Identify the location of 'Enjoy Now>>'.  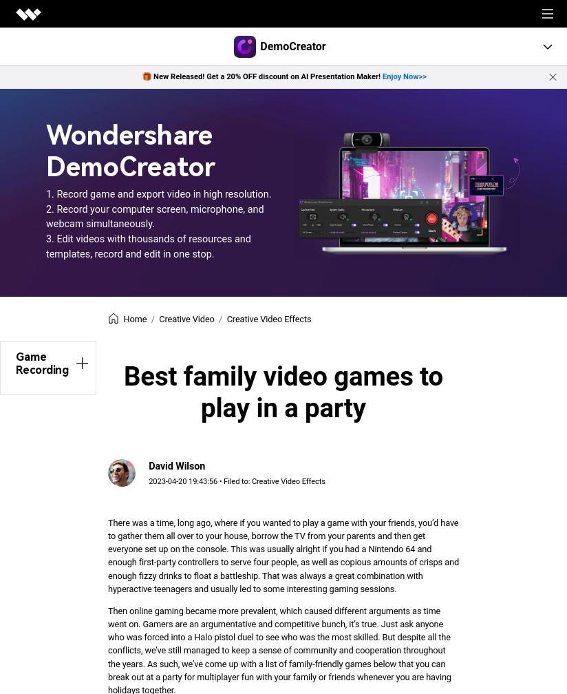
(404, 76).